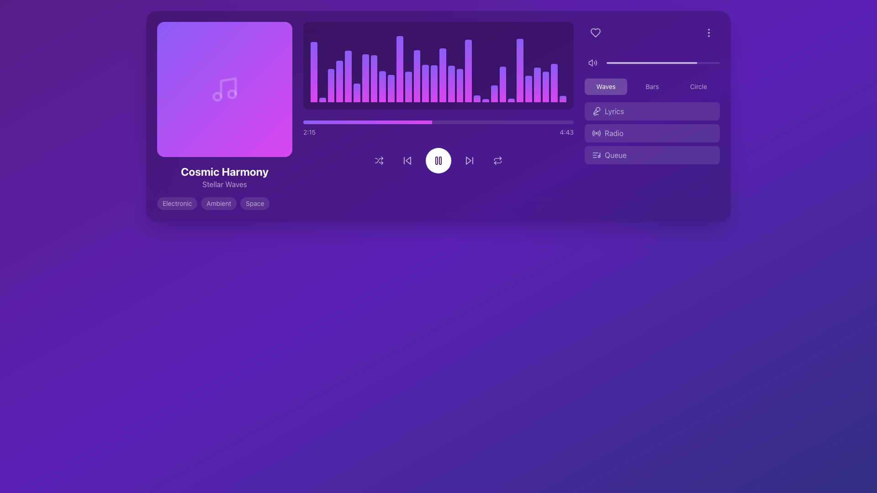  What do you see at coordinates (451, 84) in the screenshot?
I see `the fifteenth graphical bar in the audio visualization equalizer that indicates frequency intensity` at bounding box center [451, 84].